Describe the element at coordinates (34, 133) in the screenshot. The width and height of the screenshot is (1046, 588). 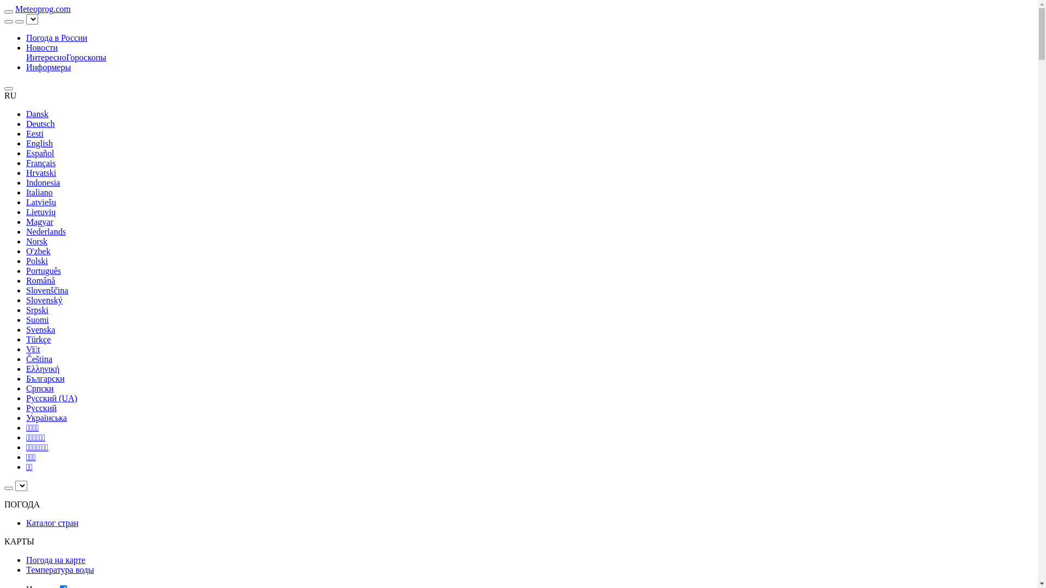
I see `'Eesti'` at that location.